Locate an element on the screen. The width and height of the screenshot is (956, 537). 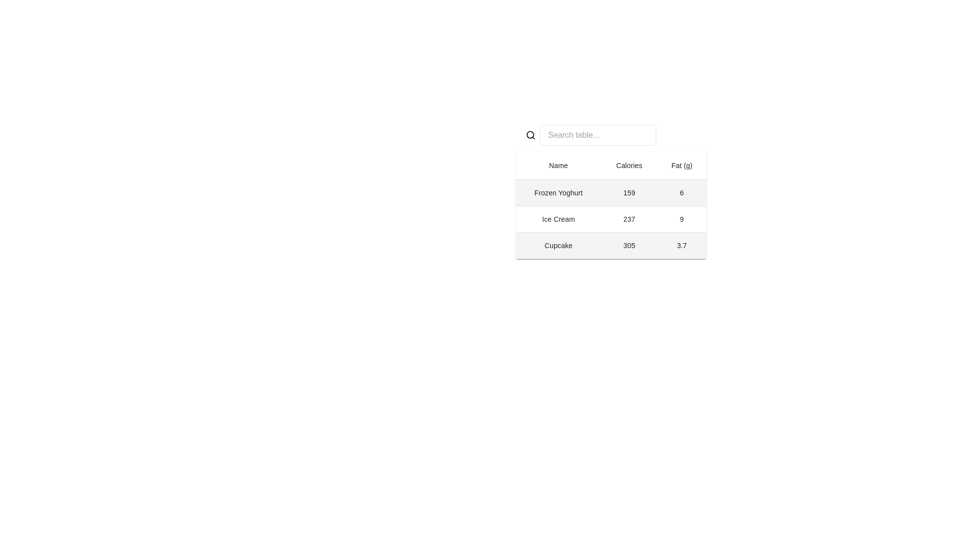
the table cell in the first column of the third row that represents the food item 'Cupcake' is located at coordinates (558, 245).